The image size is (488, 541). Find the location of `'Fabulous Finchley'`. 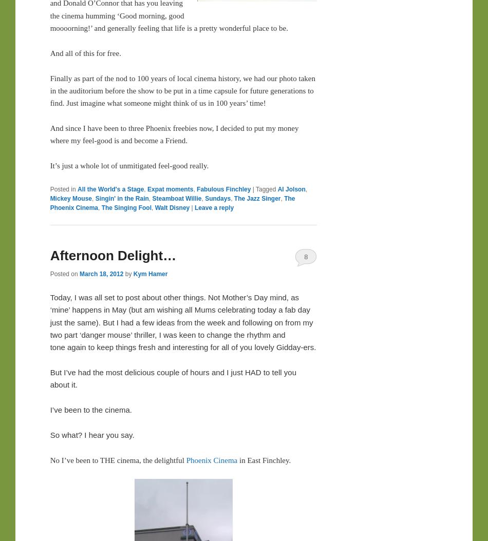

'Fabulous Finchley' is located at coordinates (223, 188).